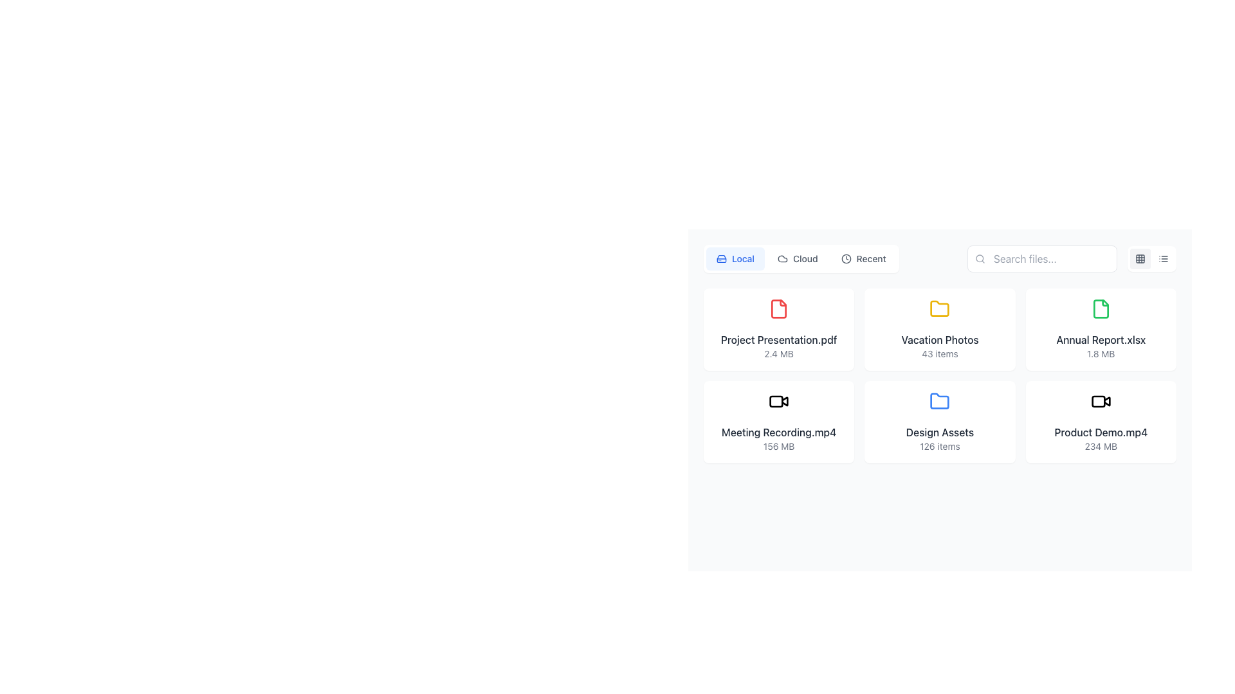  What do you see at coordinates (940, 346) in the screenshot?
I see `the descriptive label for the folder named 'Vacation Photos' which contains '43 items' positioned centrally in the second column and second row of the grid layout` at bounding box center [940, 346].